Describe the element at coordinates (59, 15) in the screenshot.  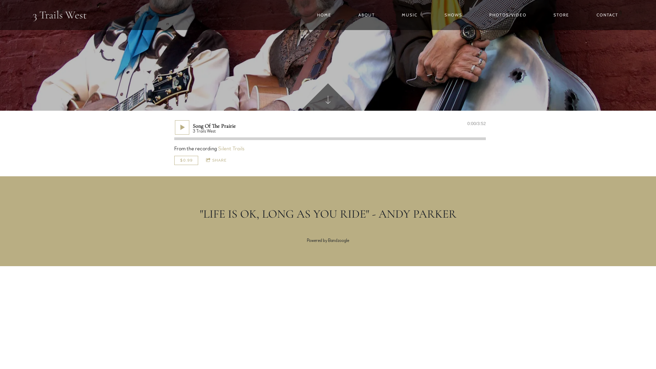
I see `'3 Trails West'` at that location.